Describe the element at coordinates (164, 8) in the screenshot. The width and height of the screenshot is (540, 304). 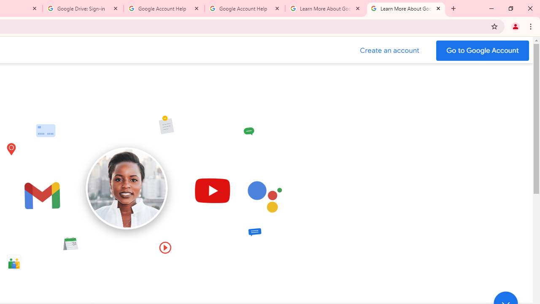
I see `'Google Account Help'` at that location.